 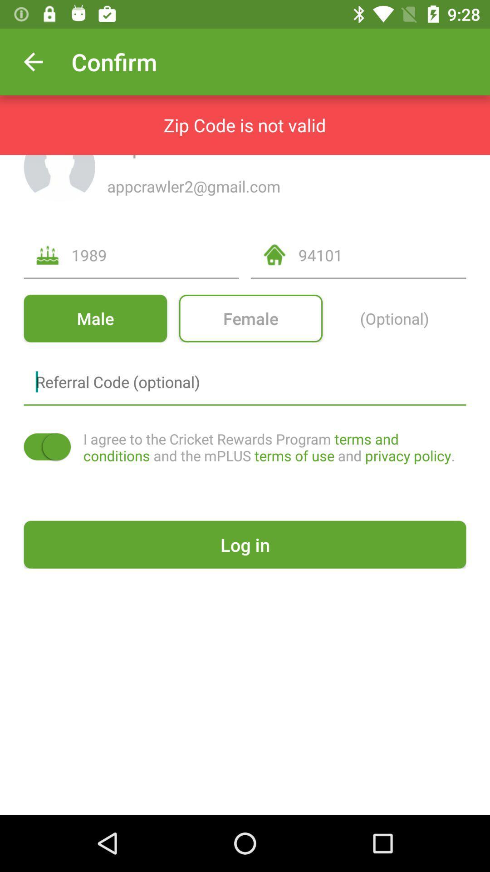 What do you see at coordinates (155, 254) in the screenshot?
I see `1989` at bounding box center [155, 254].